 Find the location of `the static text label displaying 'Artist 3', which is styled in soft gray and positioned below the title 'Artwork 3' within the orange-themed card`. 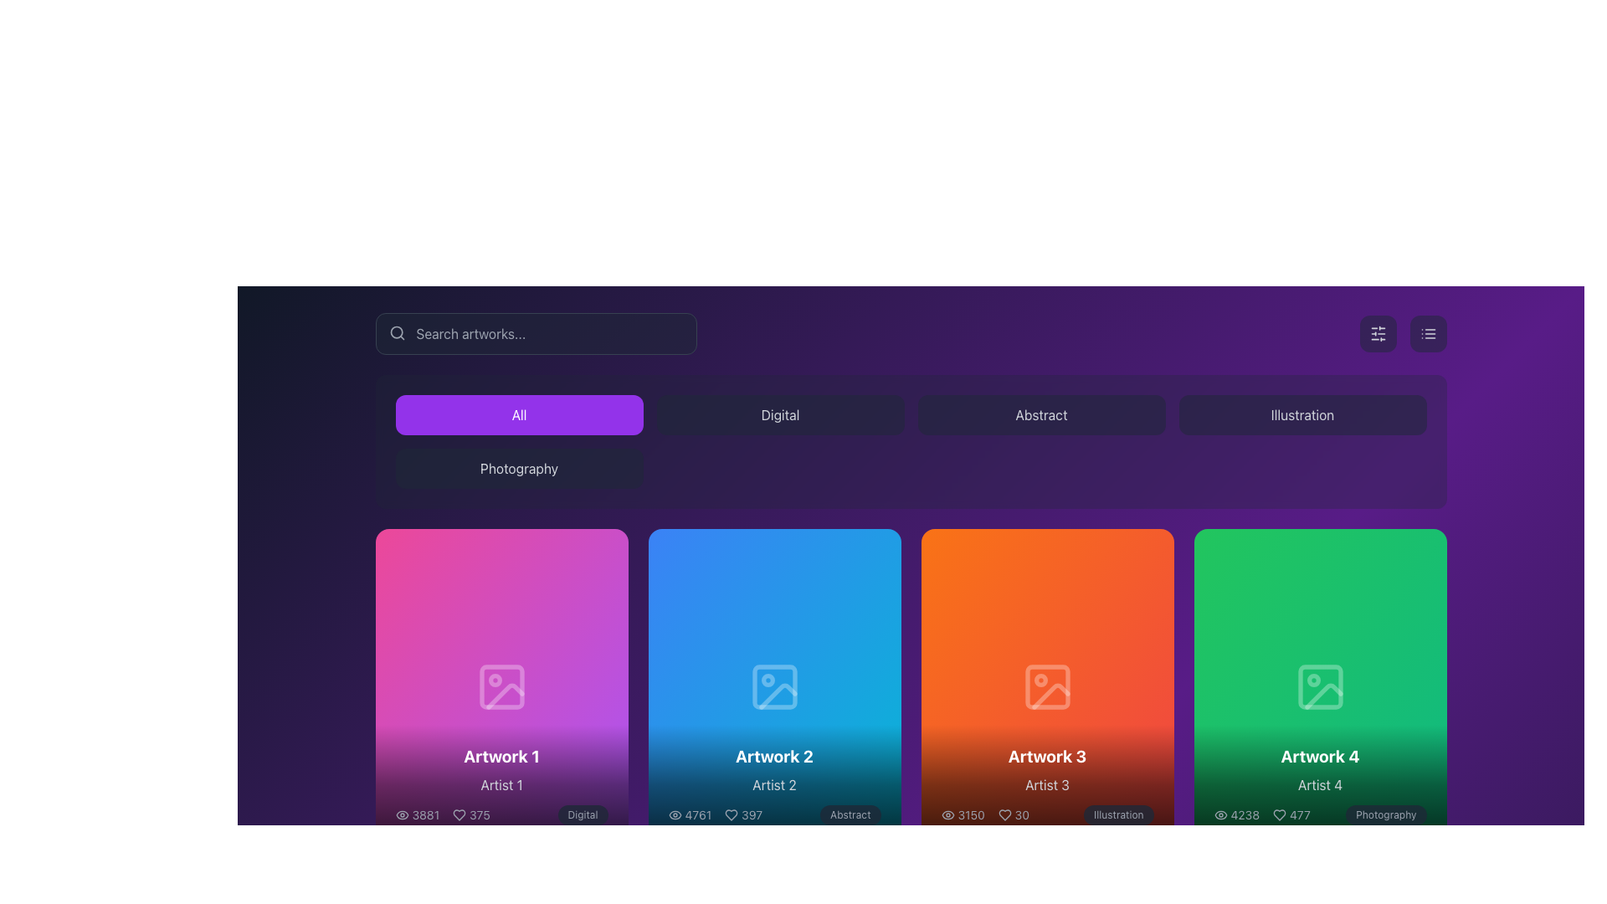

the static text label displaying 'Artist 3', which is styled in soft gray and positioned below the title 'Artwork 3' within the orange-themed card is located at coordinates (1046, 784).